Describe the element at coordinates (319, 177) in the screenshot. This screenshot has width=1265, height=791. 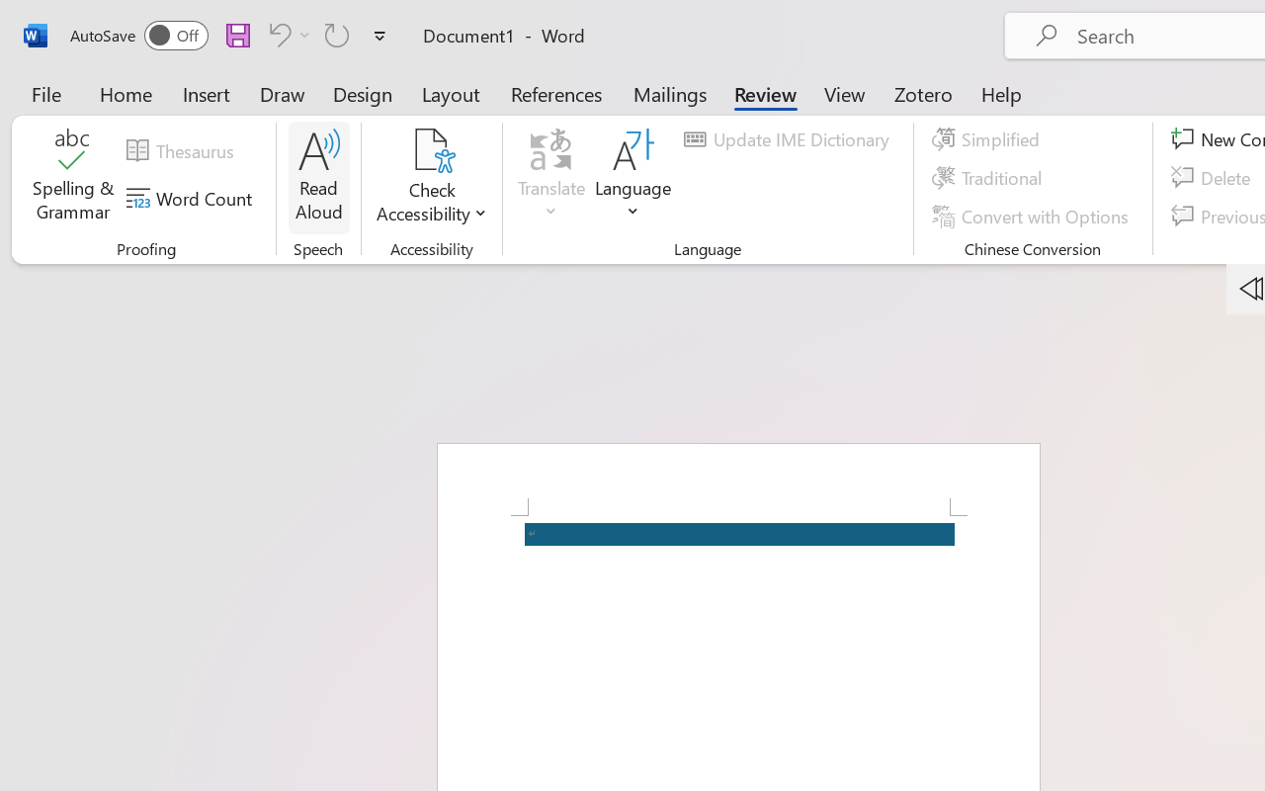
I see `'Read Aloud'` at that location.